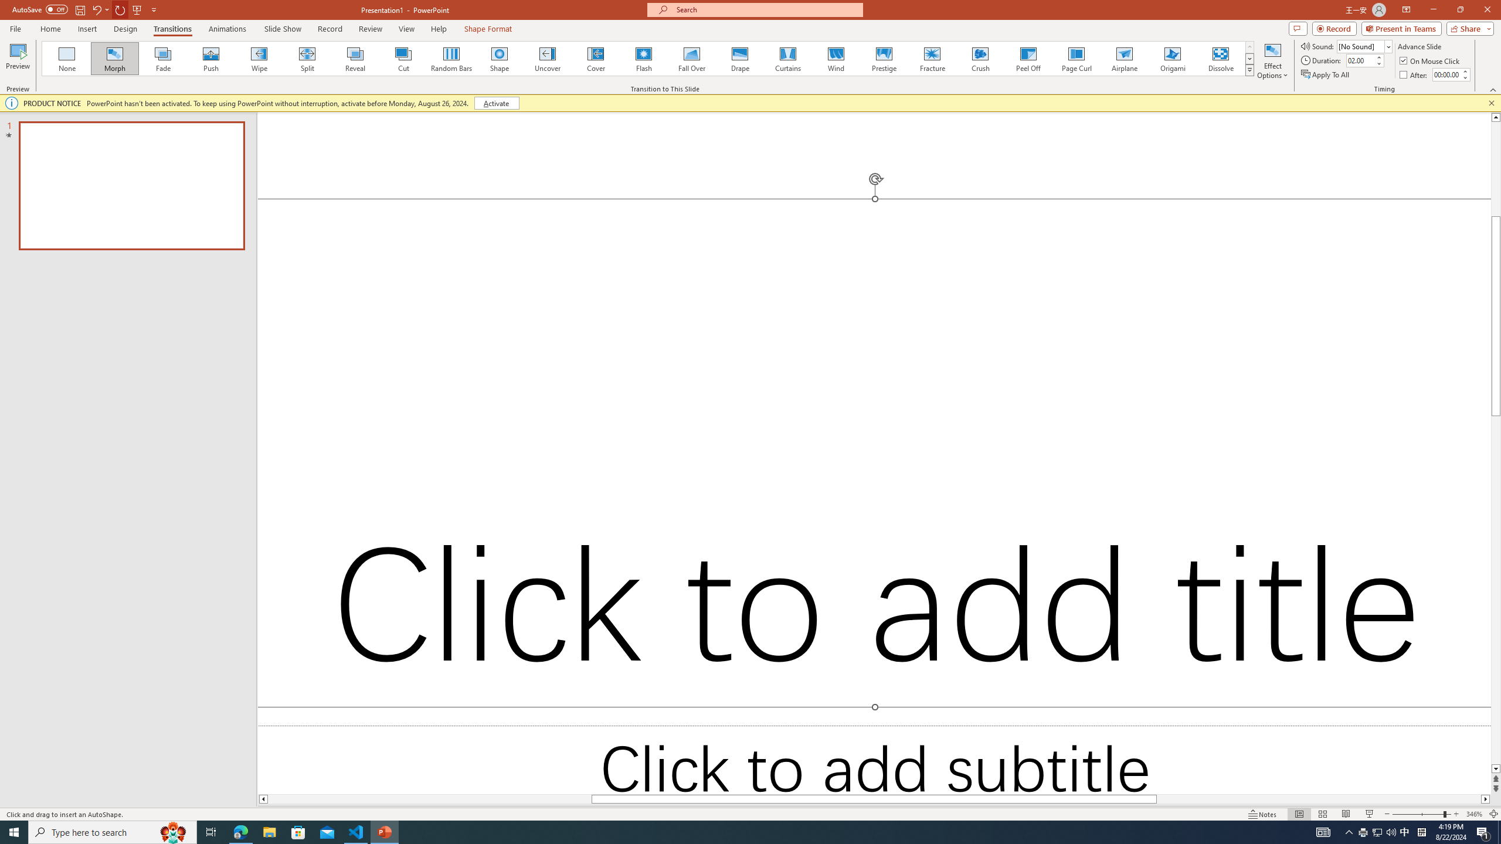  What do you see at coordinates (1414, 74) in the screenshot?
I see `'After'` at bounding box center [1414, 74].